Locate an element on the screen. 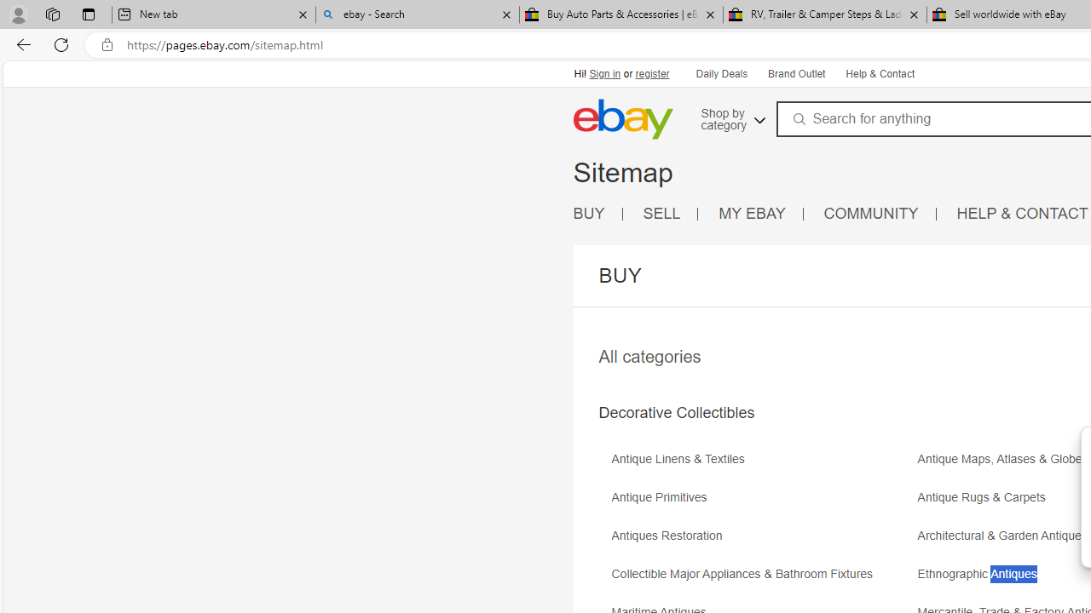 This screenshot has width=1091, height=613. 'Daily Deals' is located at coordinates (722, 74).